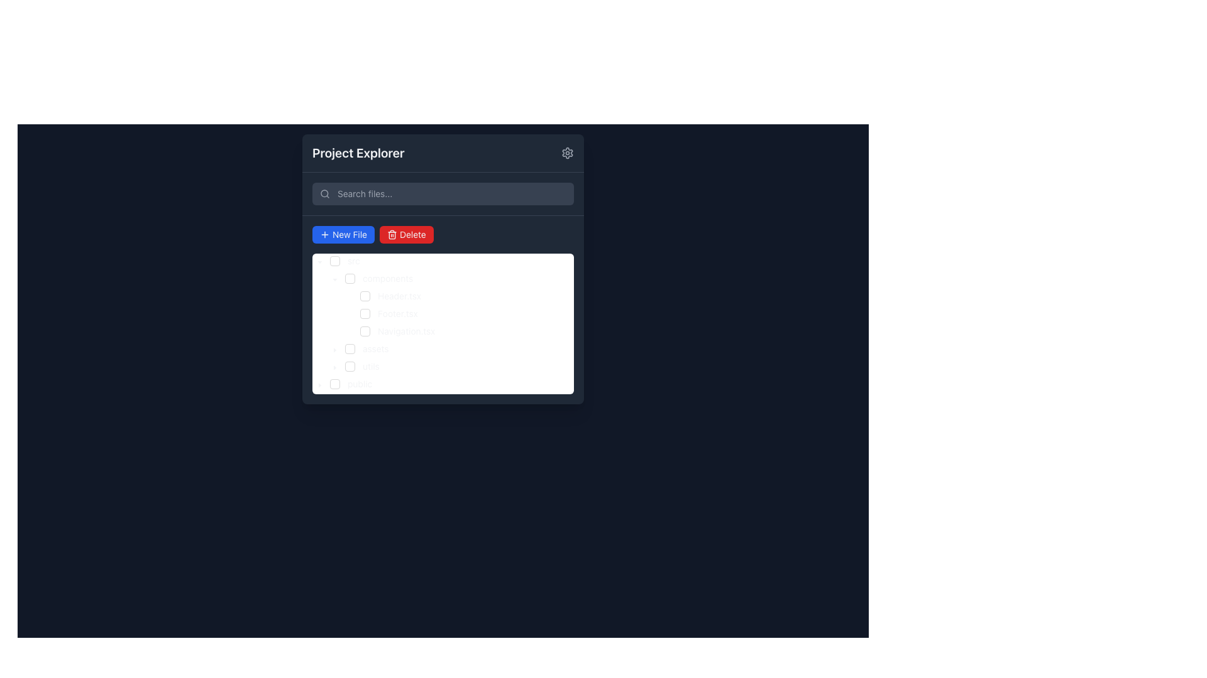  What do you see at coordinates (334, 384) in the screenshot?
I see `the checkbox associated with the 'public' item in the project tree to potentially display a tooltip` at bounding box center [334, 384].